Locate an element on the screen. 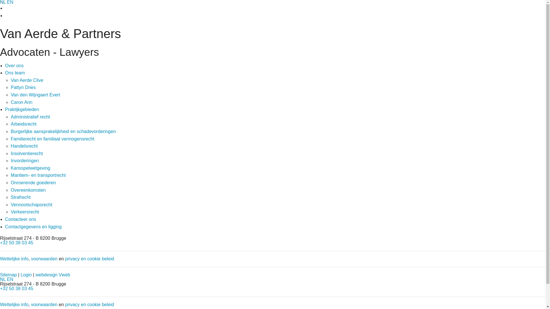 The width and height of the screenshot is (550, 309). 'Van den Wijngaert Evert' is located at coordinates (11, 94).